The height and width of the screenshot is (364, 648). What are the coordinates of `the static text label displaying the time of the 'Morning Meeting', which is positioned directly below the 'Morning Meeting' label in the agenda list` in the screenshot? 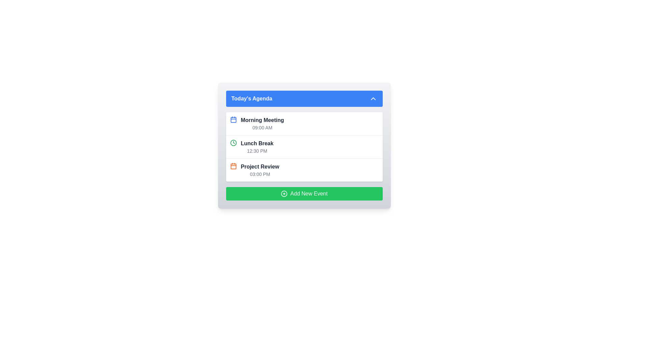 It's located at (262, 127).